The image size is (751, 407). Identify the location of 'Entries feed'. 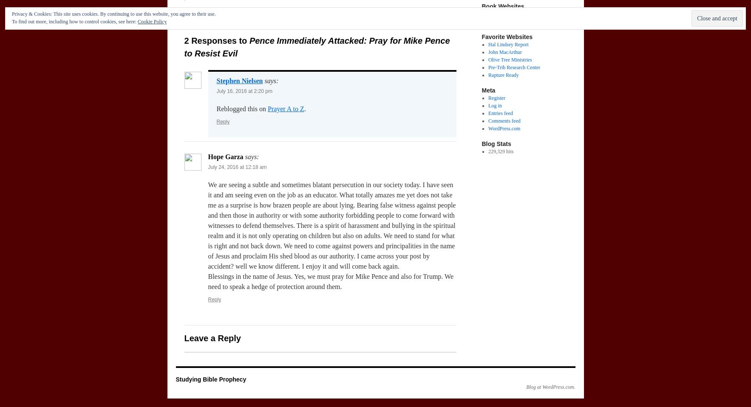
(500, 113).